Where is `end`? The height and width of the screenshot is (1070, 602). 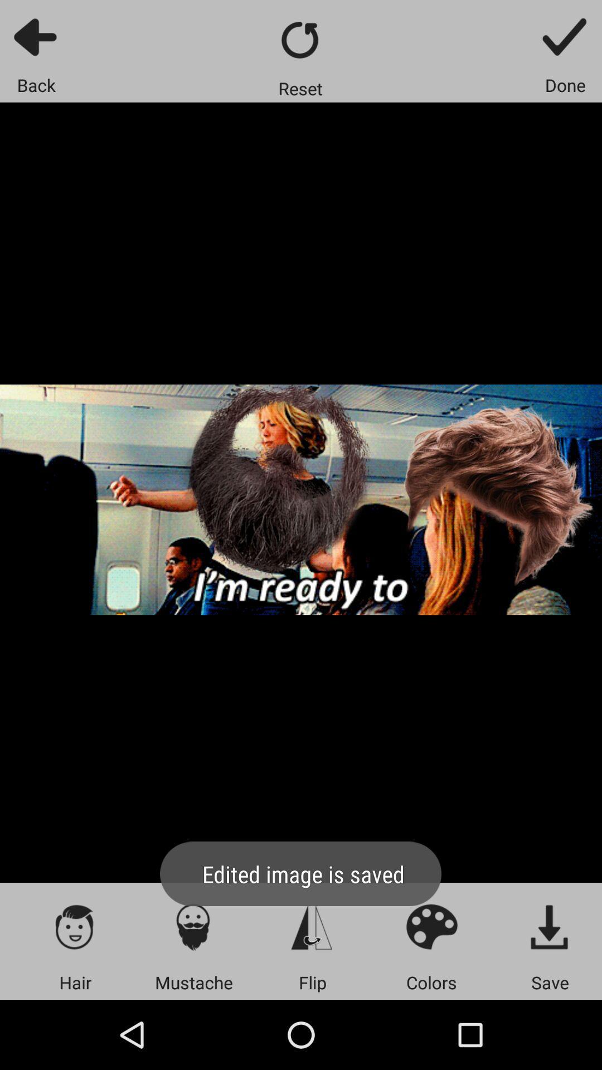 end is located at coordinates (565, 36).